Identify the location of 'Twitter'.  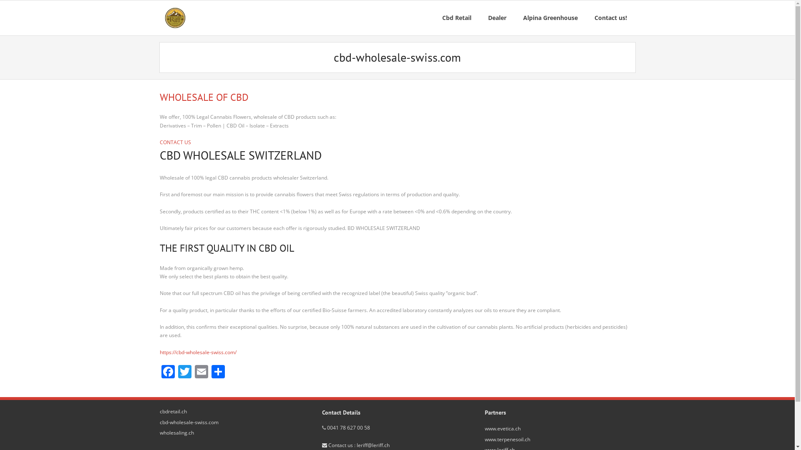
(184, 372).